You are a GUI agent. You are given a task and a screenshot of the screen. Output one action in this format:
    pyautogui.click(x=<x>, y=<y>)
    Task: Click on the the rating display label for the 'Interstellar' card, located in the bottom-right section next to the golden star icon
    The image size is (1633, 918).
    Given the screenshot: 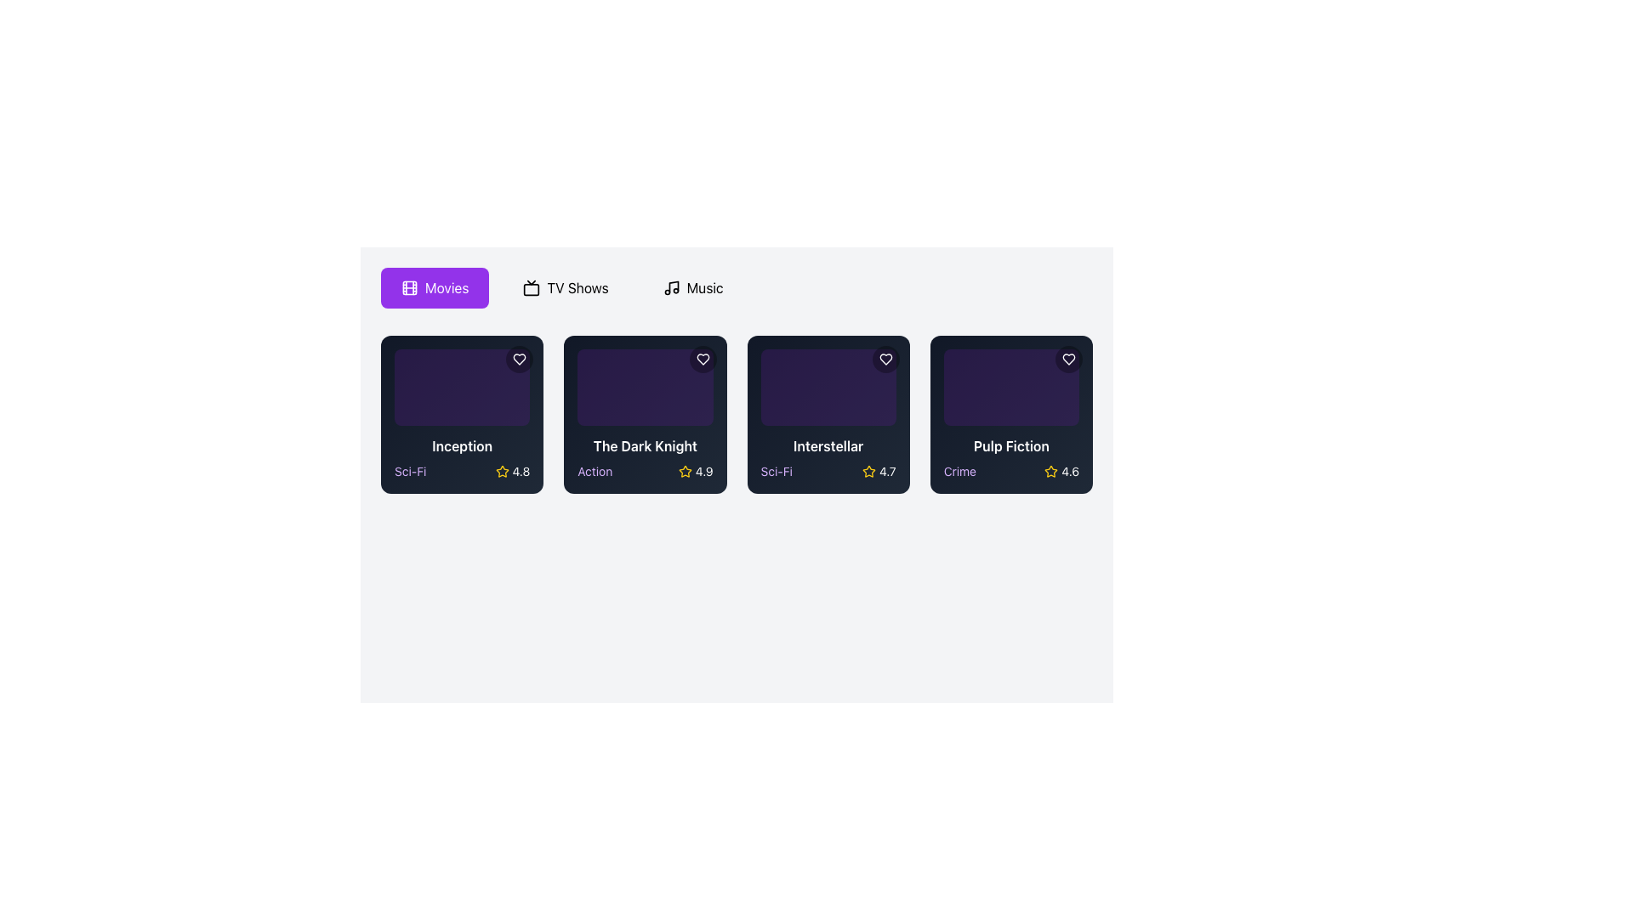 What is the action you would take?
    pyautogui.click(x=886, y=471)
    